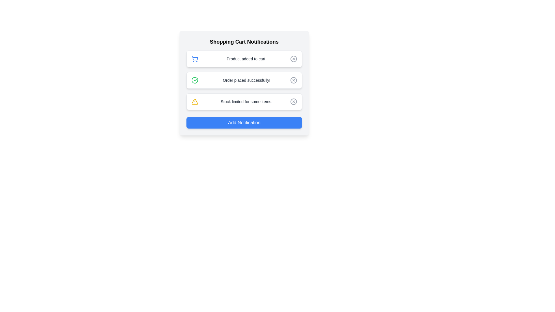 Image resolution: width=555 pixels, height=312 pixels. I want to click on the dismiss button located to the far right of the last notification row, which has a yellow triangle icon and the text 'Stock limited for some items,', so click(294, 101).